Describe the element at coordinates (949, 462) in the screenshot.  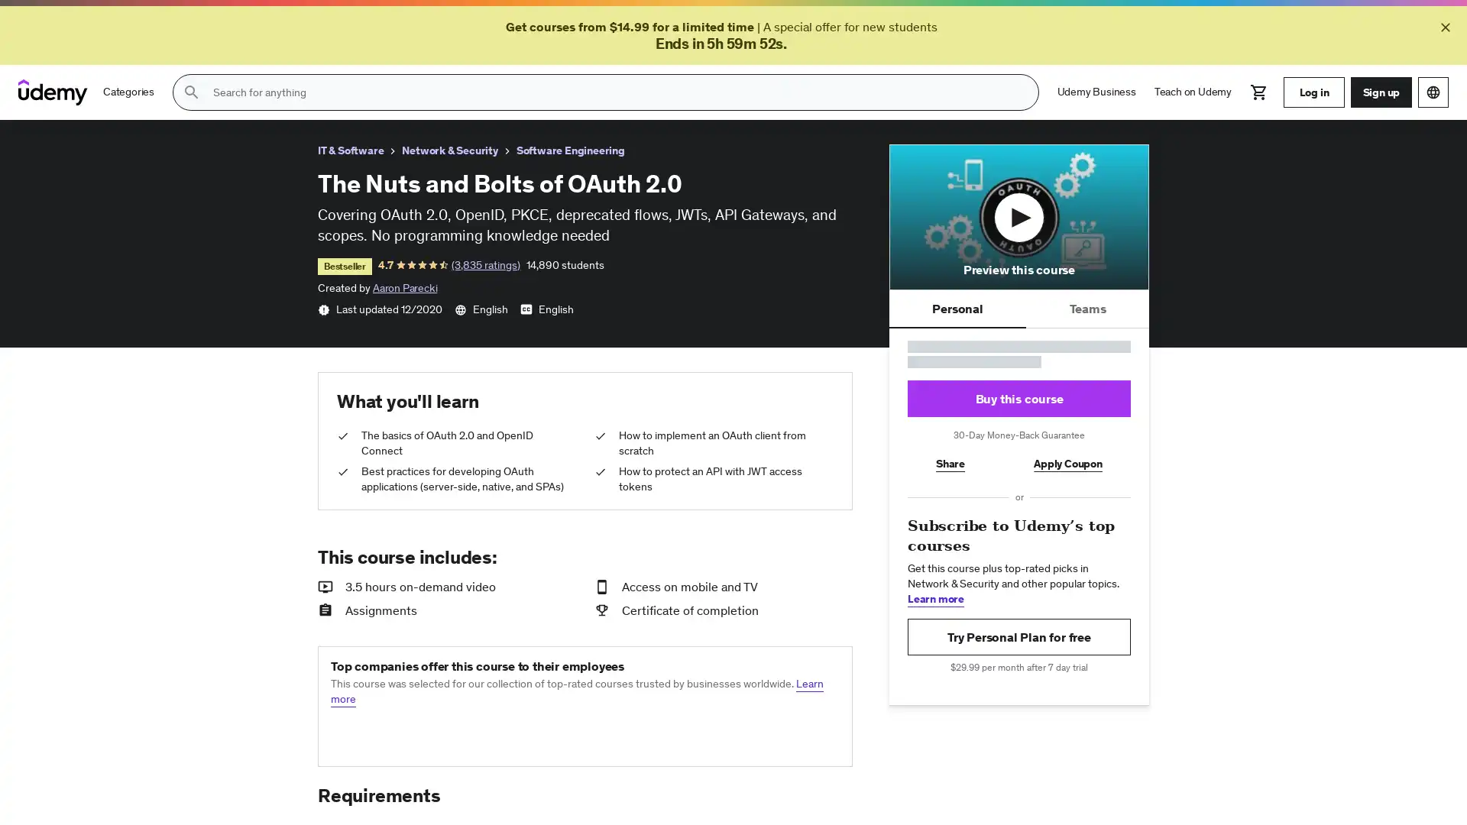
I see `Share` at that location.